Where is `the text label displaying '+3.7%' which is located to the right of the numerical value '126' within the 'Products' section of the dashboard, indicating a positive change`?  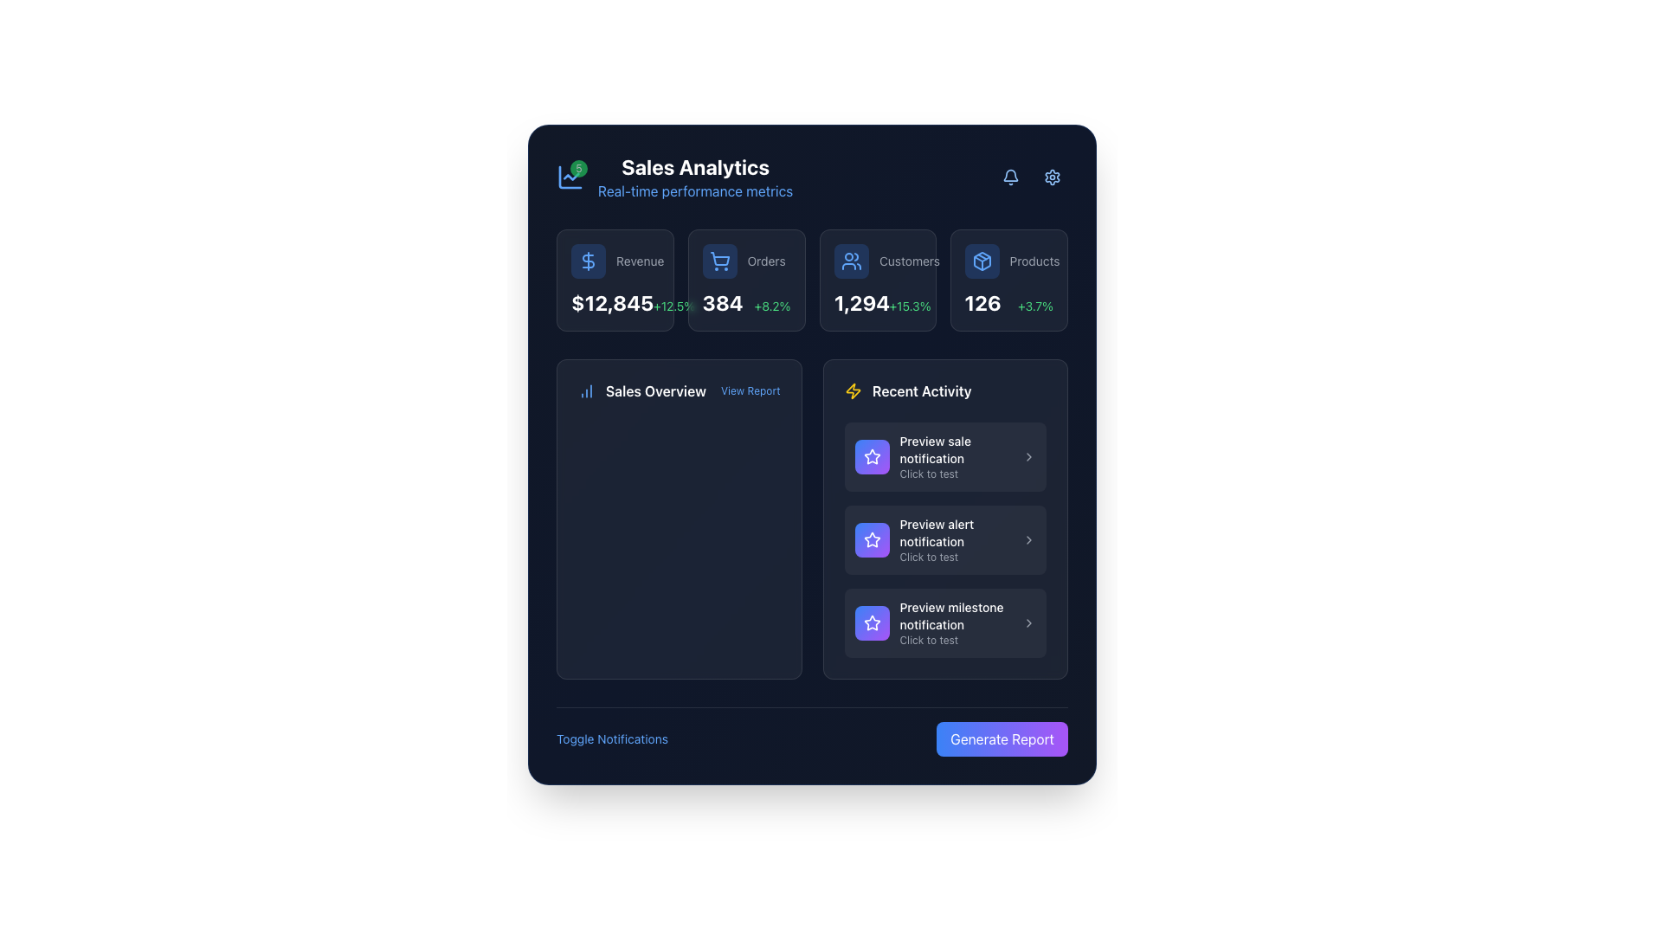 the text label displaying '+3.7%' which is located to the right of the numerical value '126' within the 'Products' section of the dashboard, indicating a positive change is located at coordinates (1035, 306).